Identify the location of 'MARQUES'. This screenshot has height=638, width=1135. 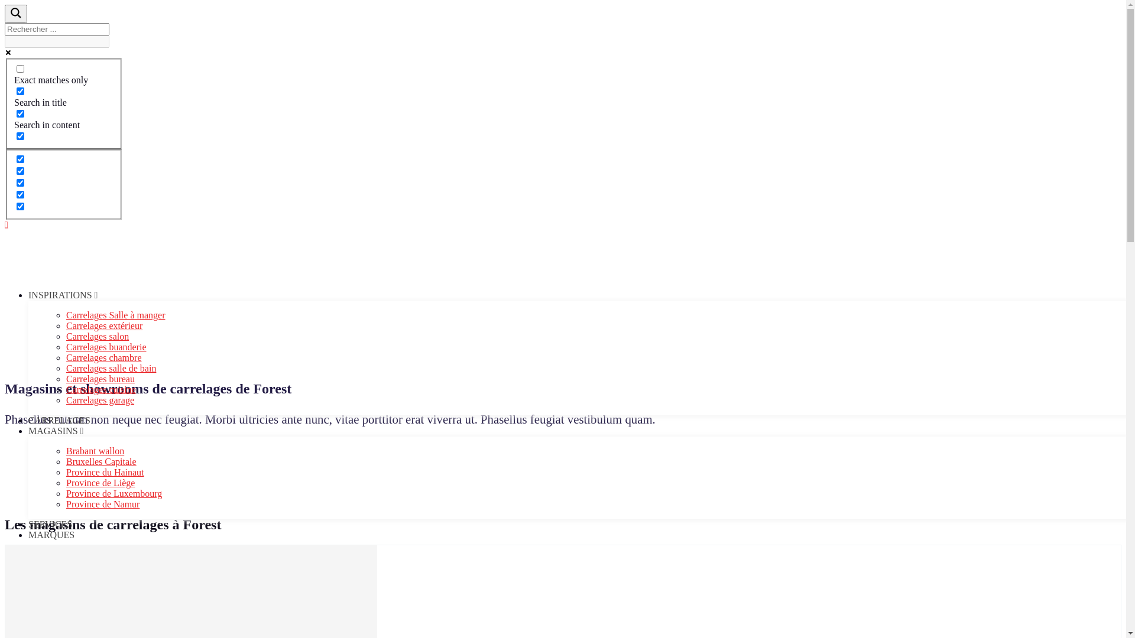
(50, 535).